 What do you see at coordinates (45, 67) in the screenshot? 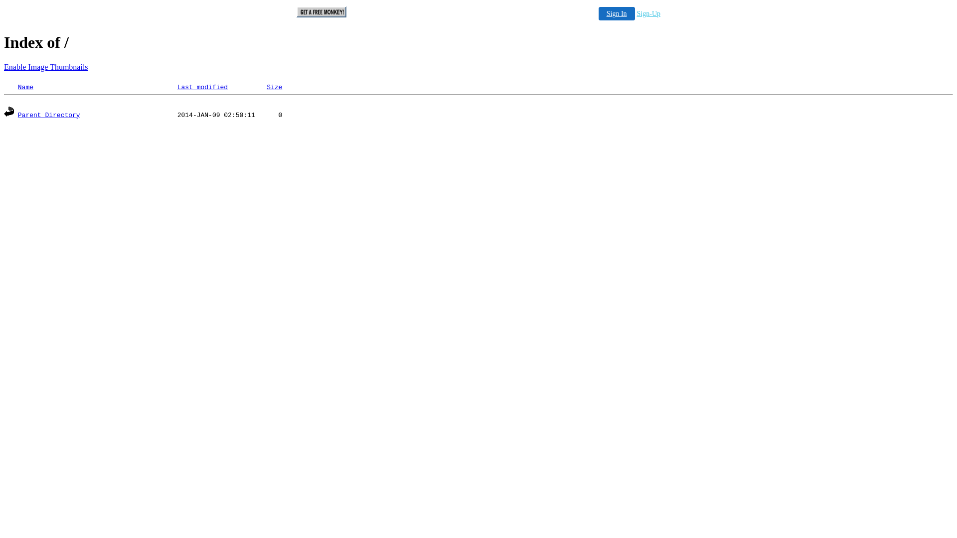
I see `'Enable Image Thumbnails'` at bounding box center [45, 67].